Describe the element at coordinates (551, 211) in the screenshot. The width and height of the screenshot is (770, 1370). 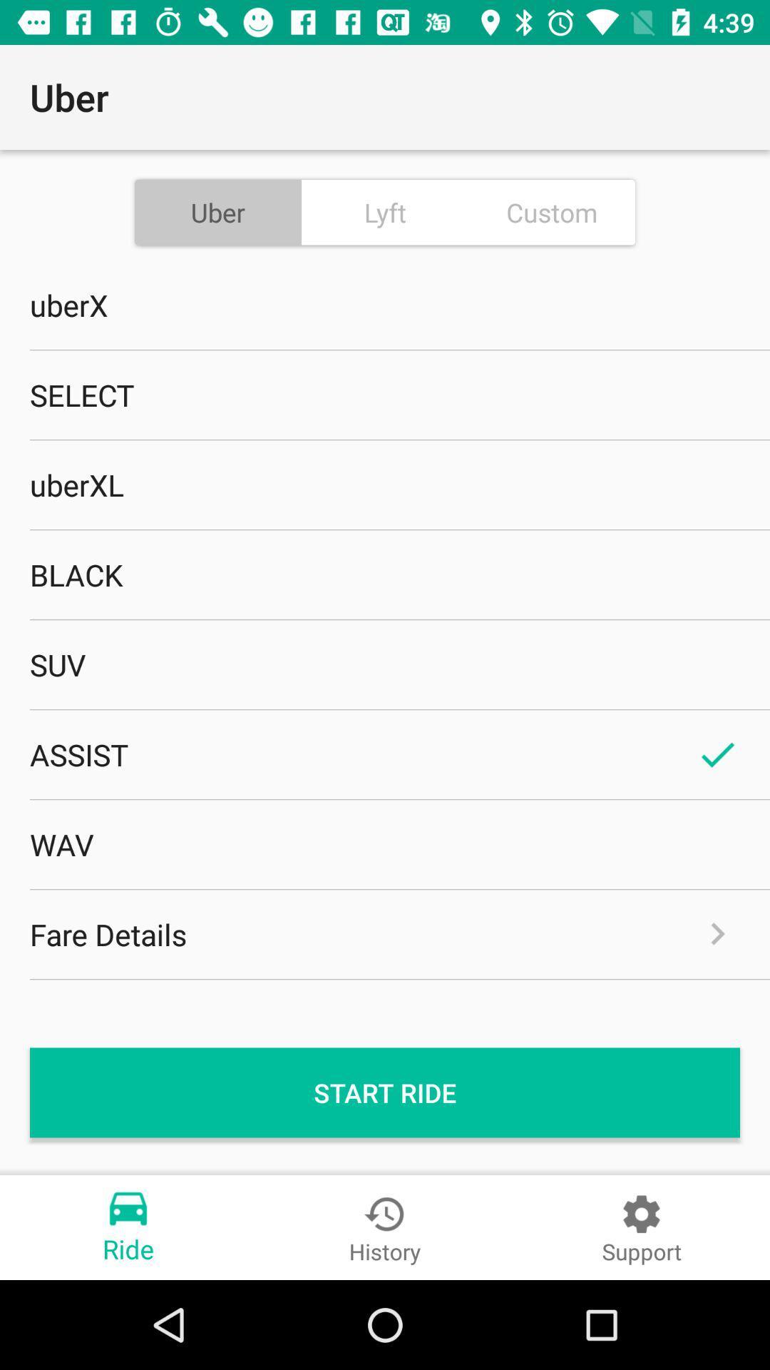
I see `custom` at that location.